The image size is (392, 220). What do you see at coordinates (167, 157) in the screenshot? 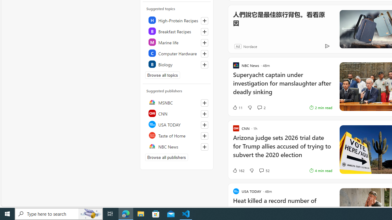
I see `'Browse all publishers'` at bounding box center [167, 157].